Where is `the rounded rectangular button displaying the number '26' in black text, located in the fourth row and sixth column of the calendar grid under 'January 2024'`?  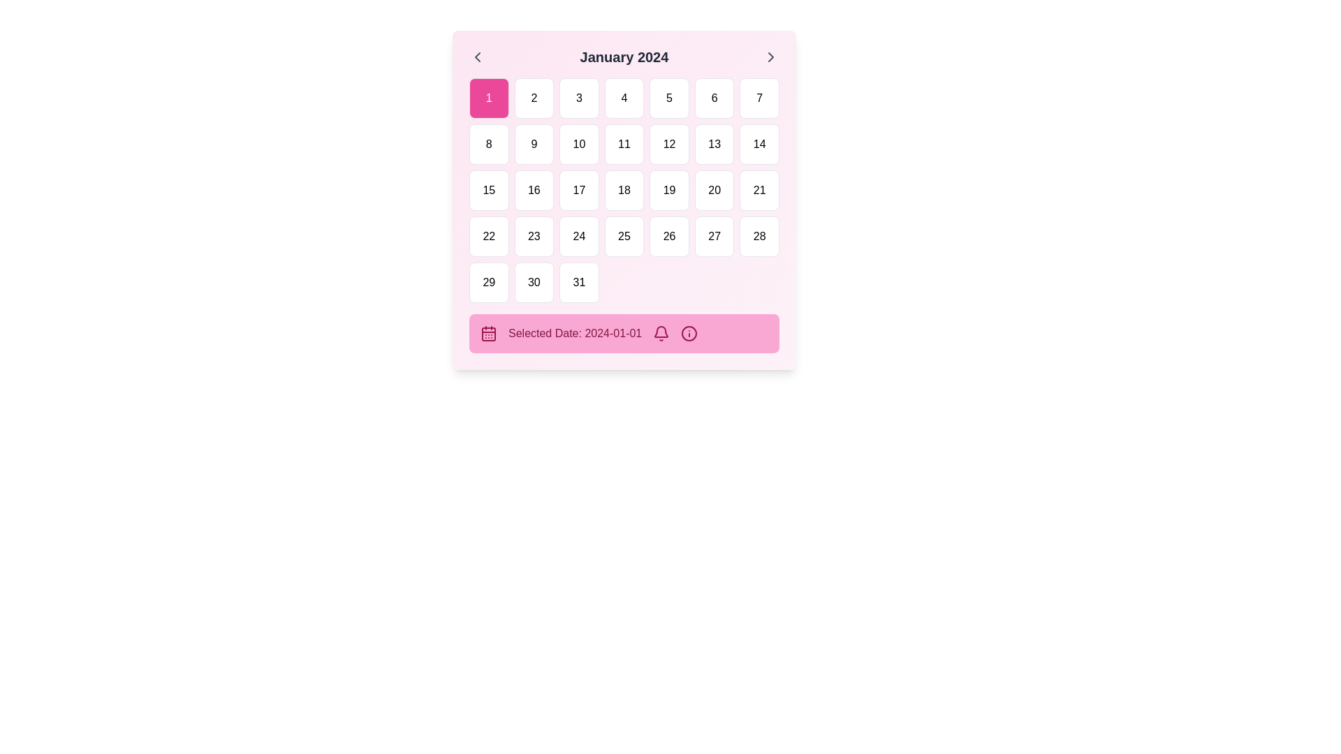
the rounded rectangular button displaying the number '26' in black text, located in the fourth row and sixth column of the calendar grid under 'January 2024' is located at coordinates (668, 236).